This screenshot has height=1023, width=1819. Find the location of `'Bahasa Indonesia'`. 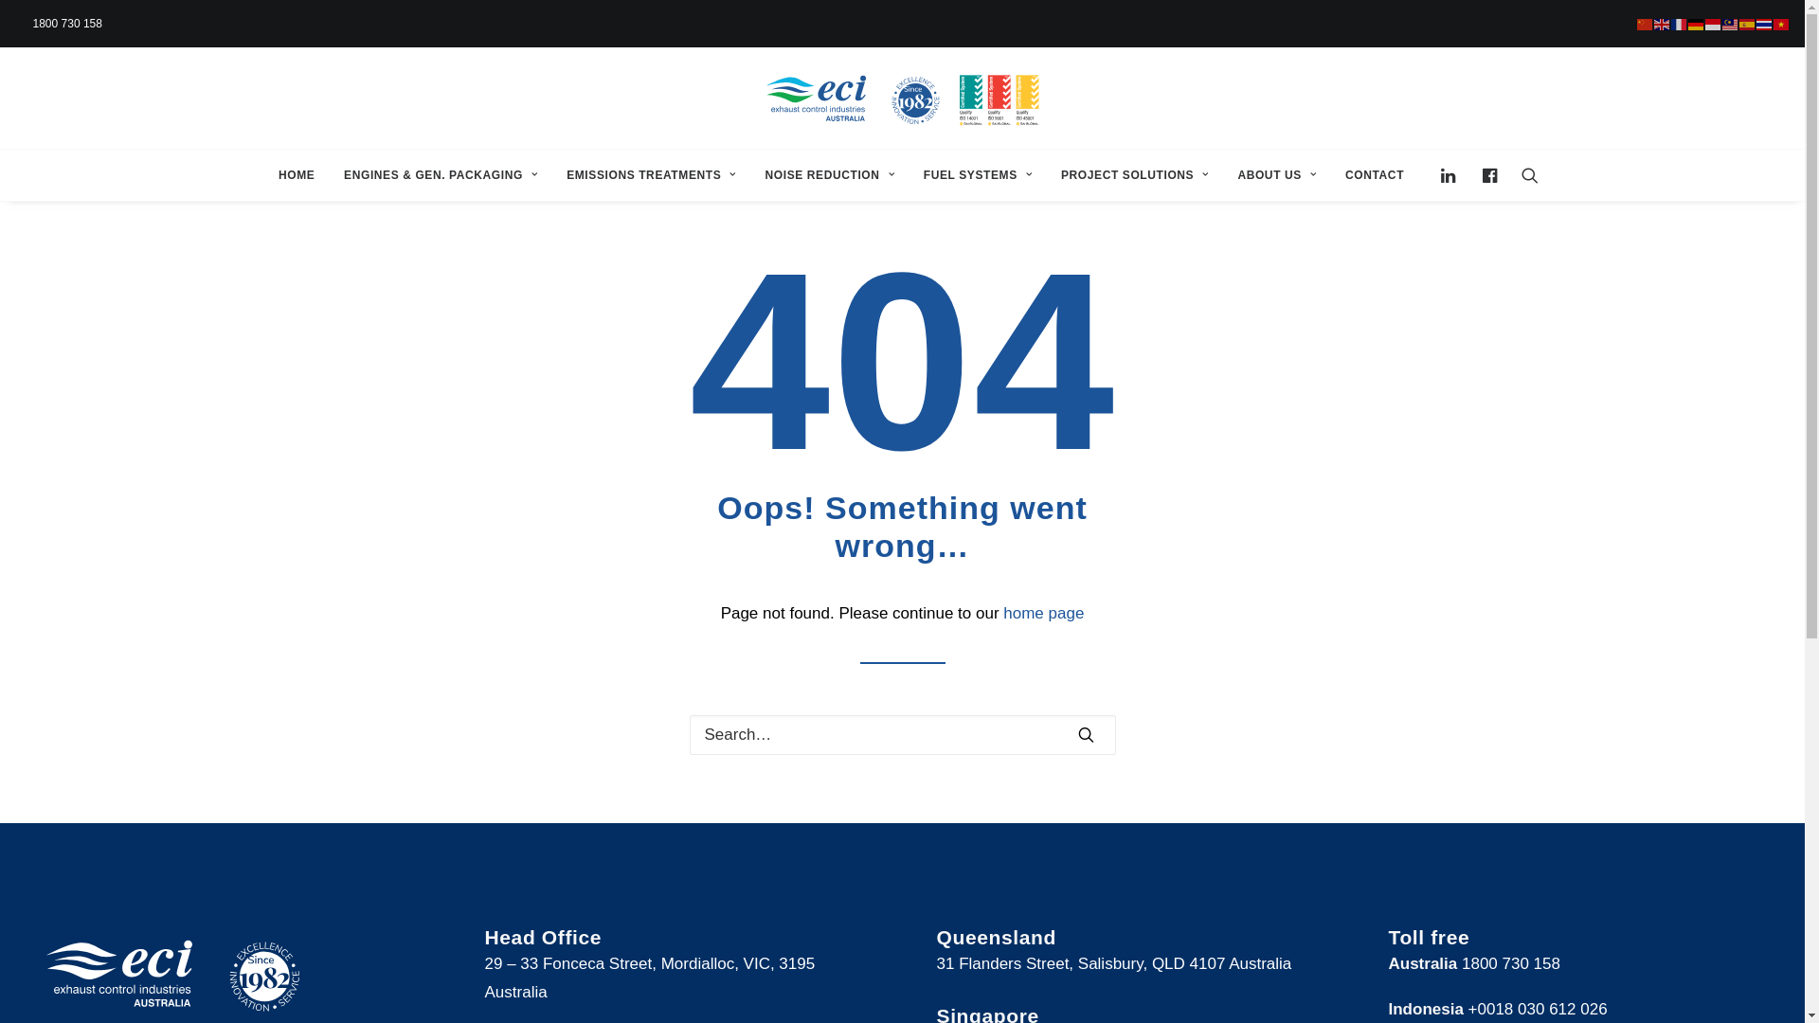

'Bahasa Indonesia' is located at coordinates (1714, 23).